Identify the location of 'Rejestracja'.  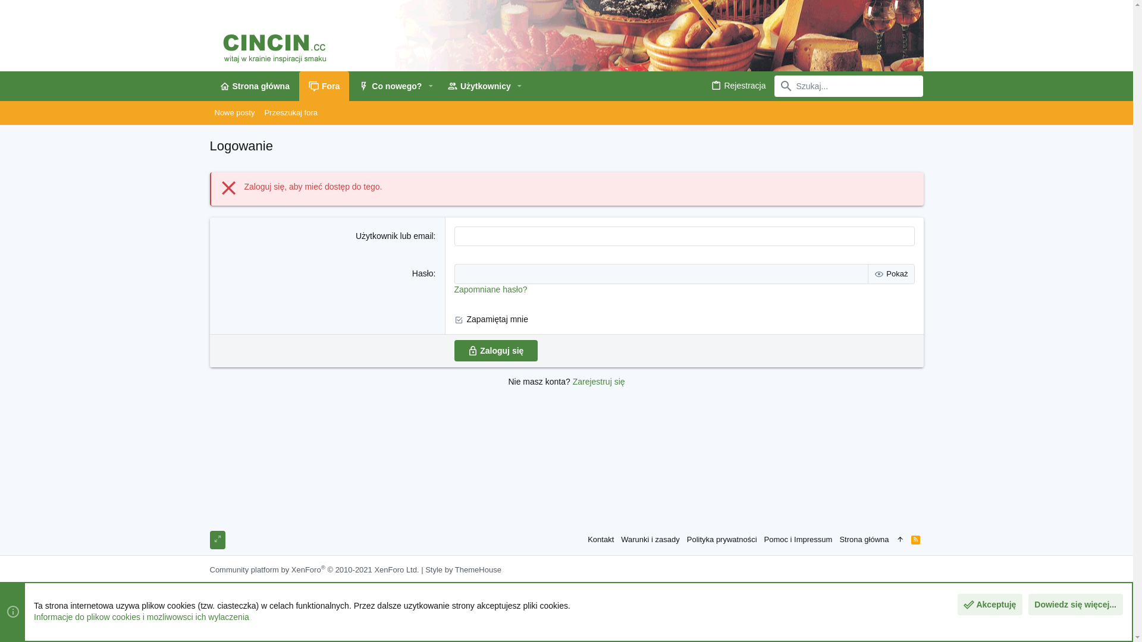
(738, 85).